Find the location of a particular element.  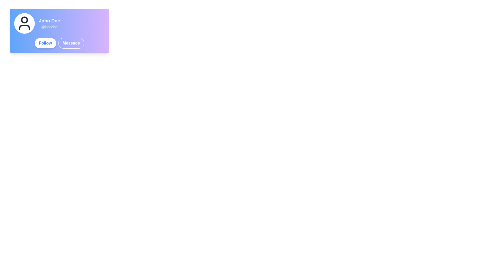

the 'Follow' button, which is styled with a white background, blue text, and rounded edges is located at coordinates (45, 43).